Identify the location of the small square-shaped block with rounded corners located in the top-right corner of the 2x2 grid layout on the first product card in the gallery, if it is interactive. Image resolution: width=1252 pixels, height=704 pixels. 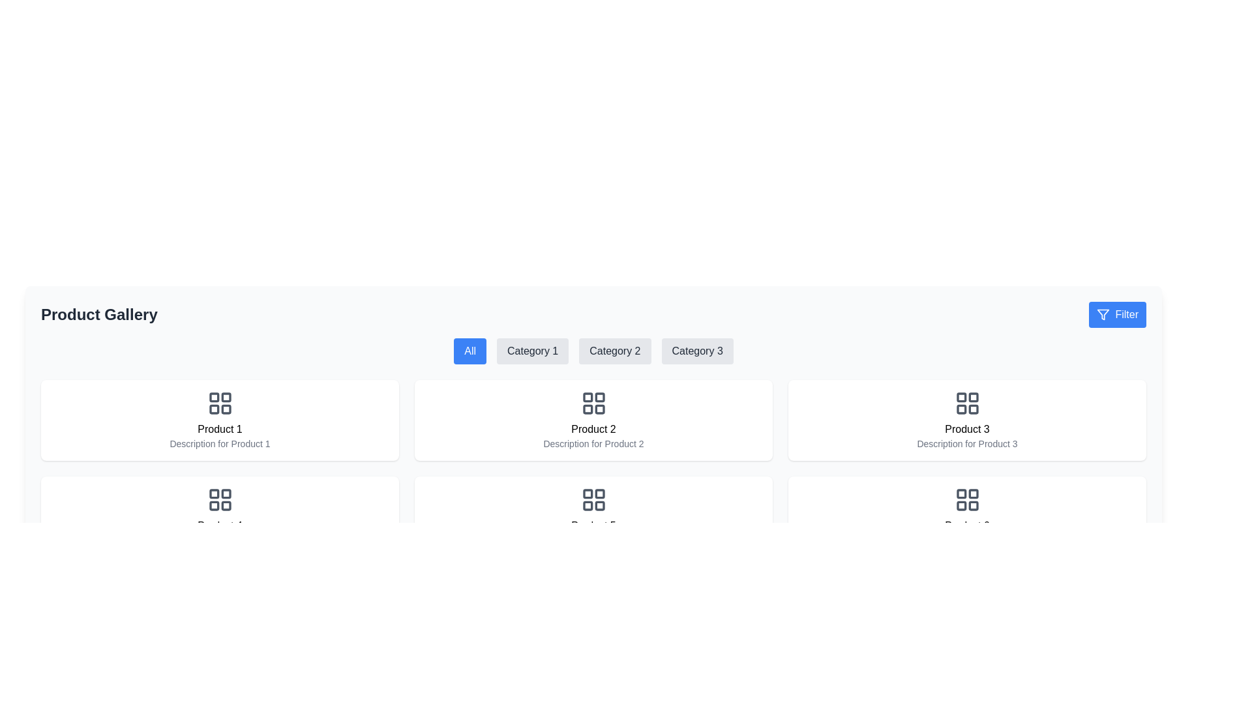
(226, 396).